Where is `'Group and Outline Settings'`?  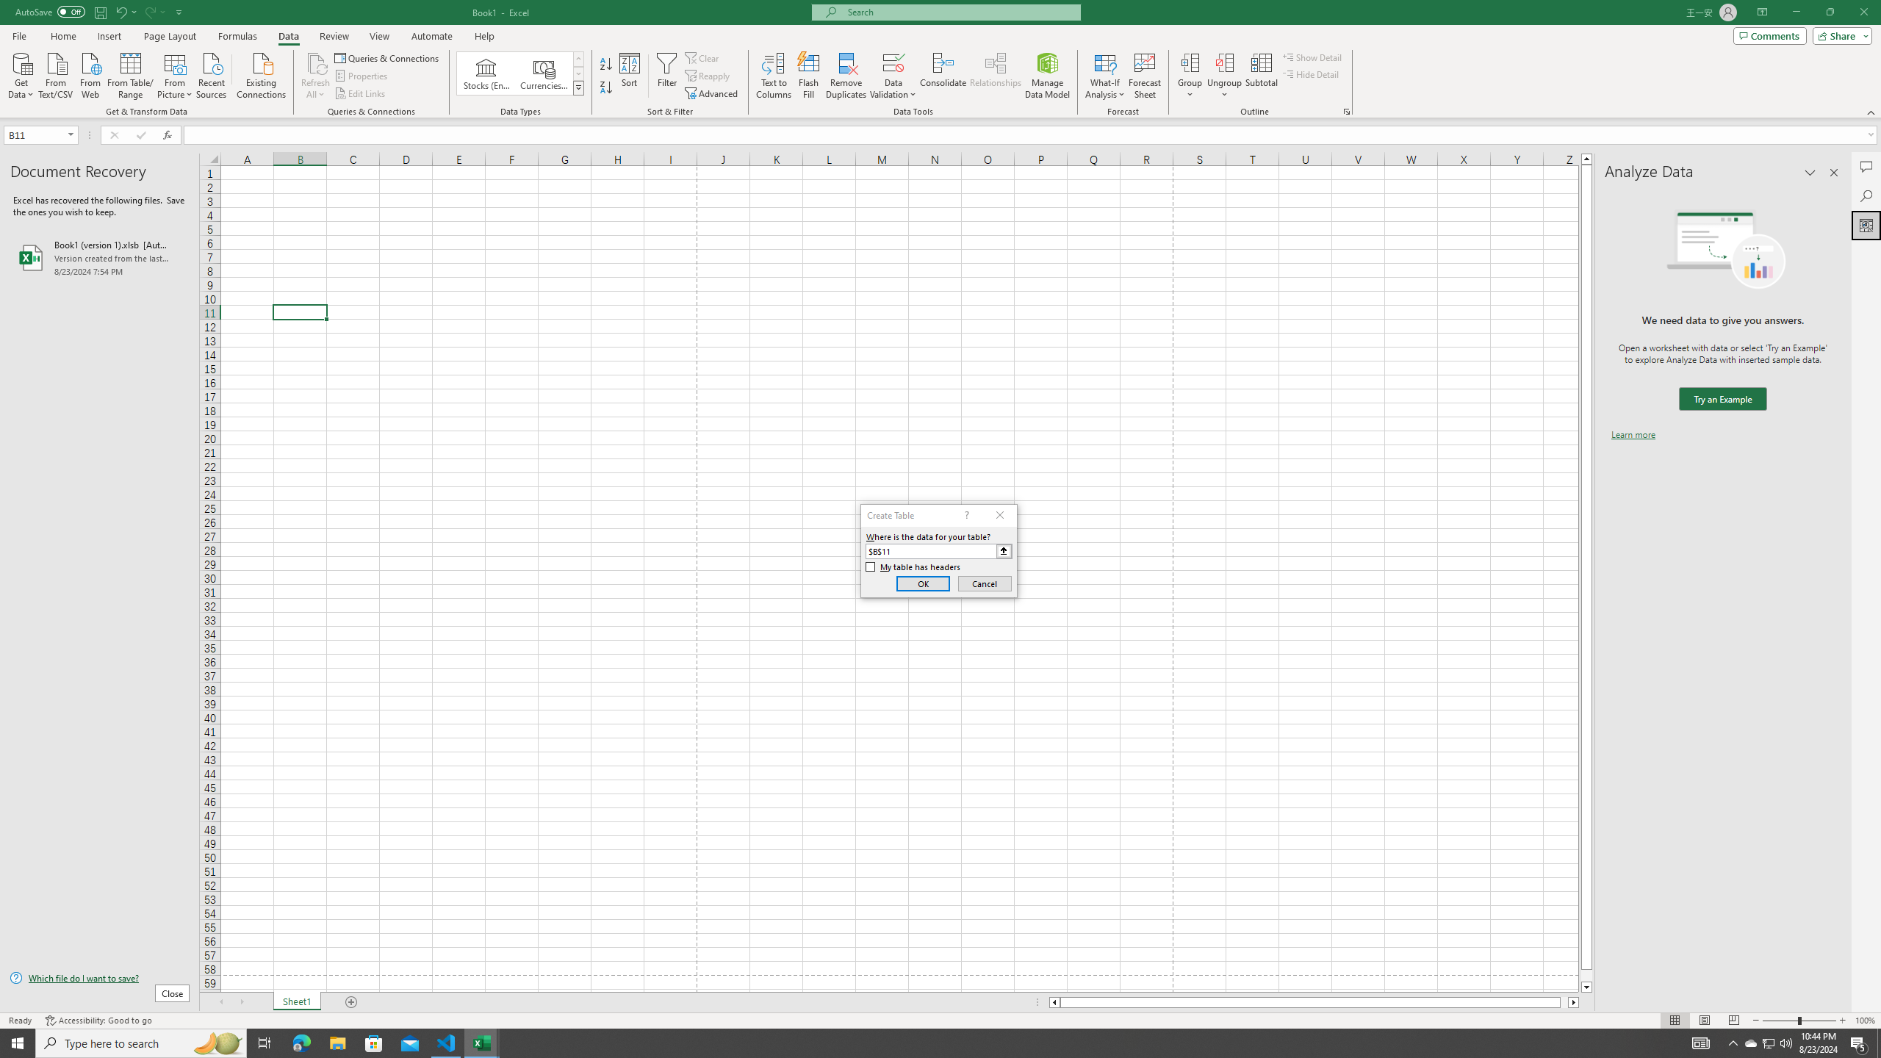
'Group and Outline Settings' is located at coordinates (1345, 110).